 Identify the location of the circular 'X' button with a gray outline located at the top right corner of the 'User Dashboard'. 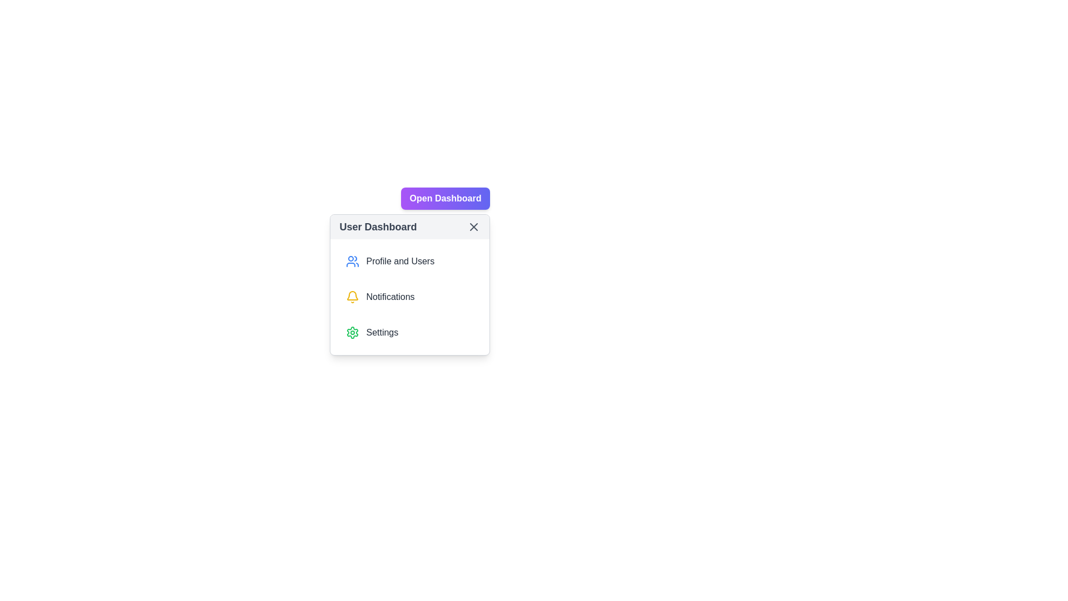
(474, 226).